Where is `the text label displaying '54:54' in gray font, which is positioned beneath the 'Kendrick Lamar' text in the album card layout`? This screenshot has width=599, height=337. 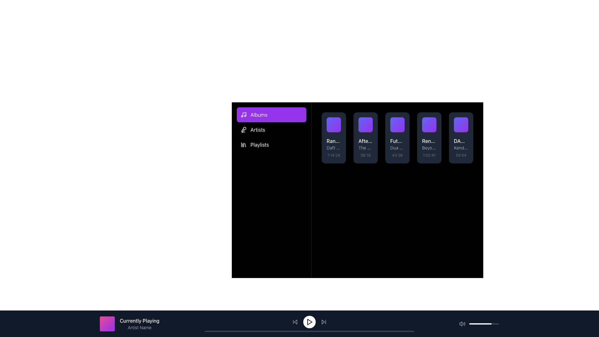
the text label displaying '54:54' in gray font, which is positioned beneath the 'Kendrick Lamar' text in the album card layout is located at coordinates (461, 155).